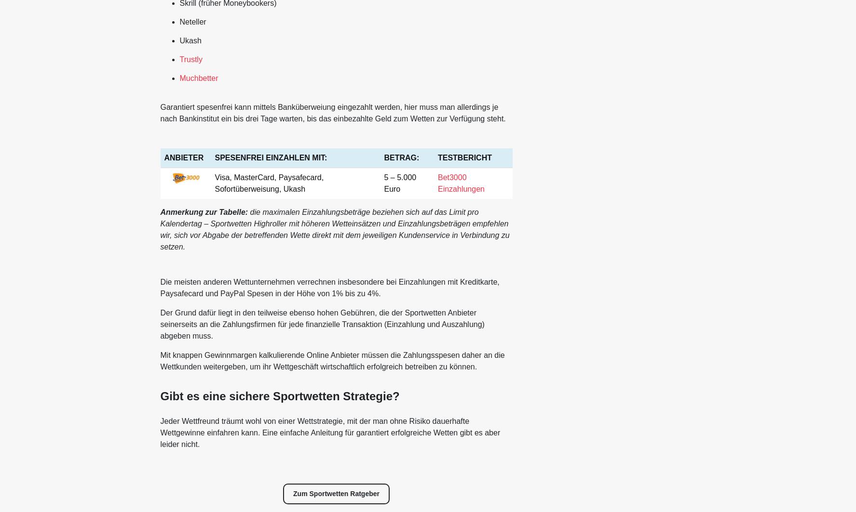  Describe the element at coordinates (269, 183) in the screenshot. I see `'Visa, MasterCard, Paysafecard, Sofortüberweisung, Ukash'` at that location.